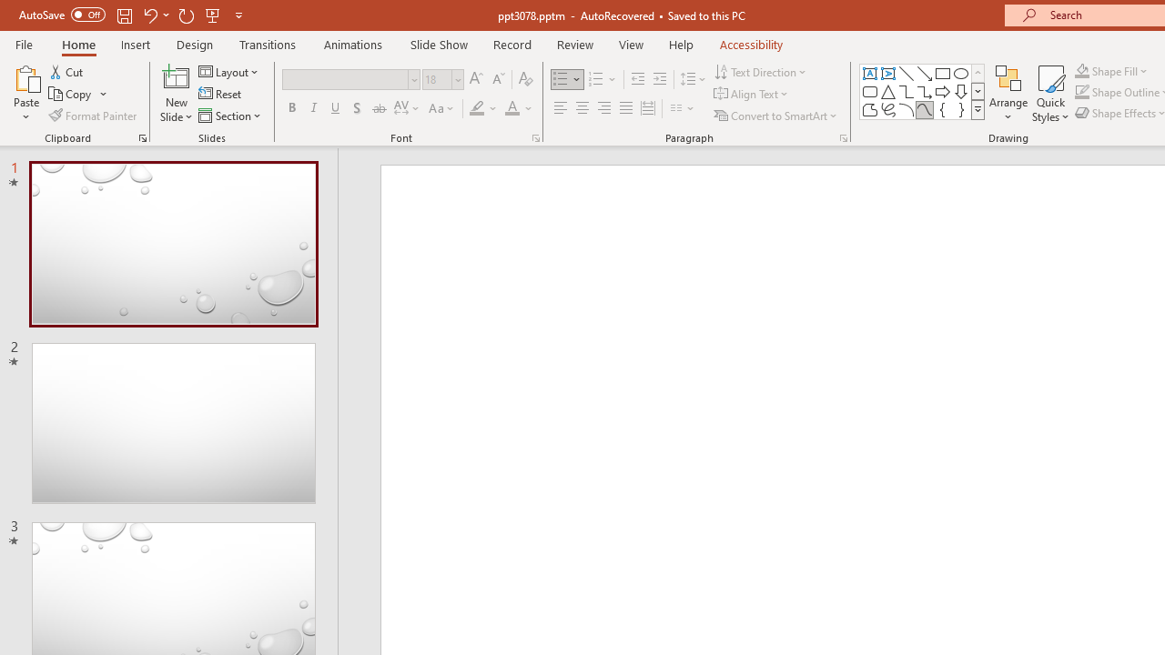 Image resolution: width=1165 pixels, height=655 pixels. Describe the element at coordinates (357, 108) in the screenshot. I see `'Shadow'` at that location.